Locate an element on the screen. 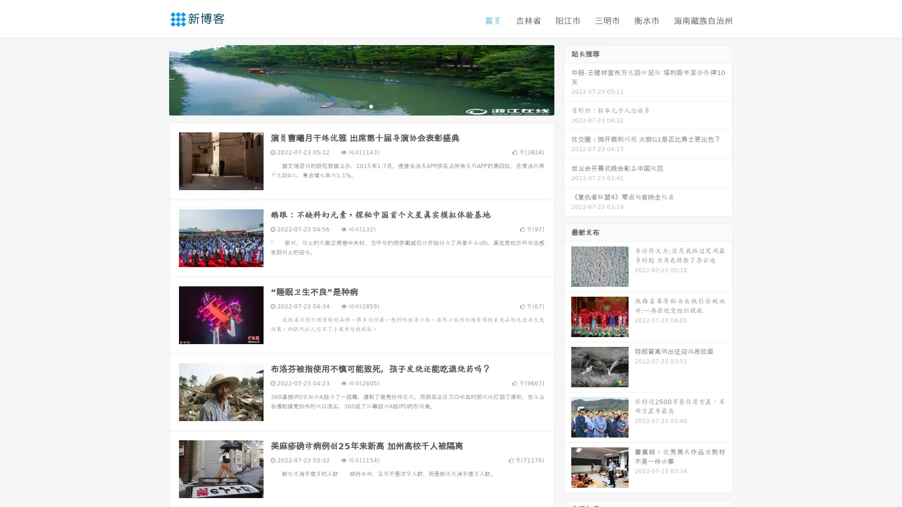 The height and width of the screenshot is (507, 902). Go to slide 1 is located at coordinates (351, 106).